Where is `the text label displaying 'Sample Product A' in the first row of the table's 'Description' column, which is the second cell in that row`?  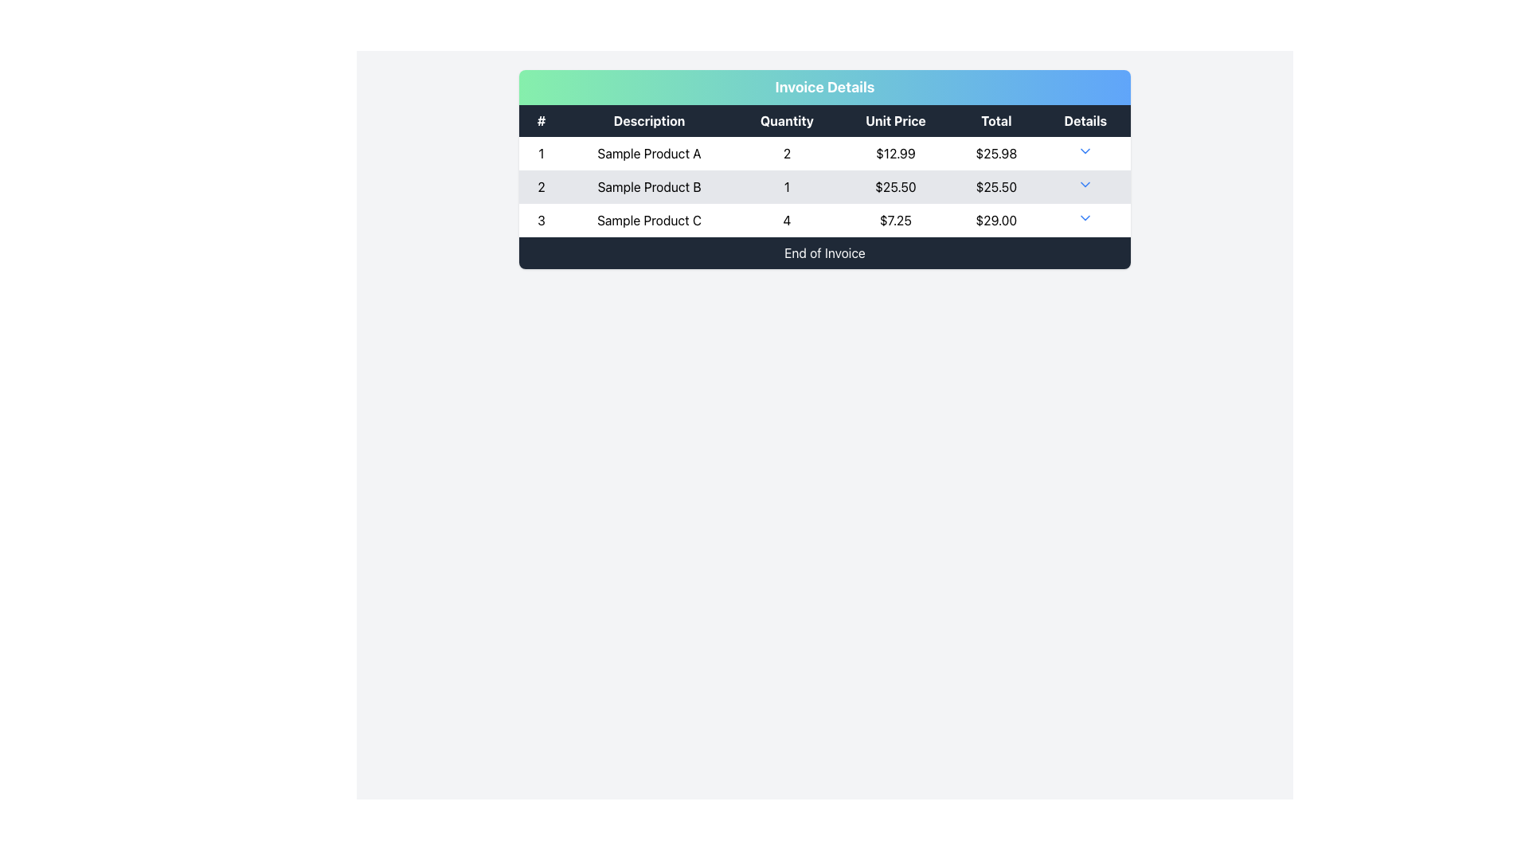
the text label displaying 'Sample Product A' in the first row of the table's 'Description' column, which is the second cell in that row is located at coordinates (649, 153).